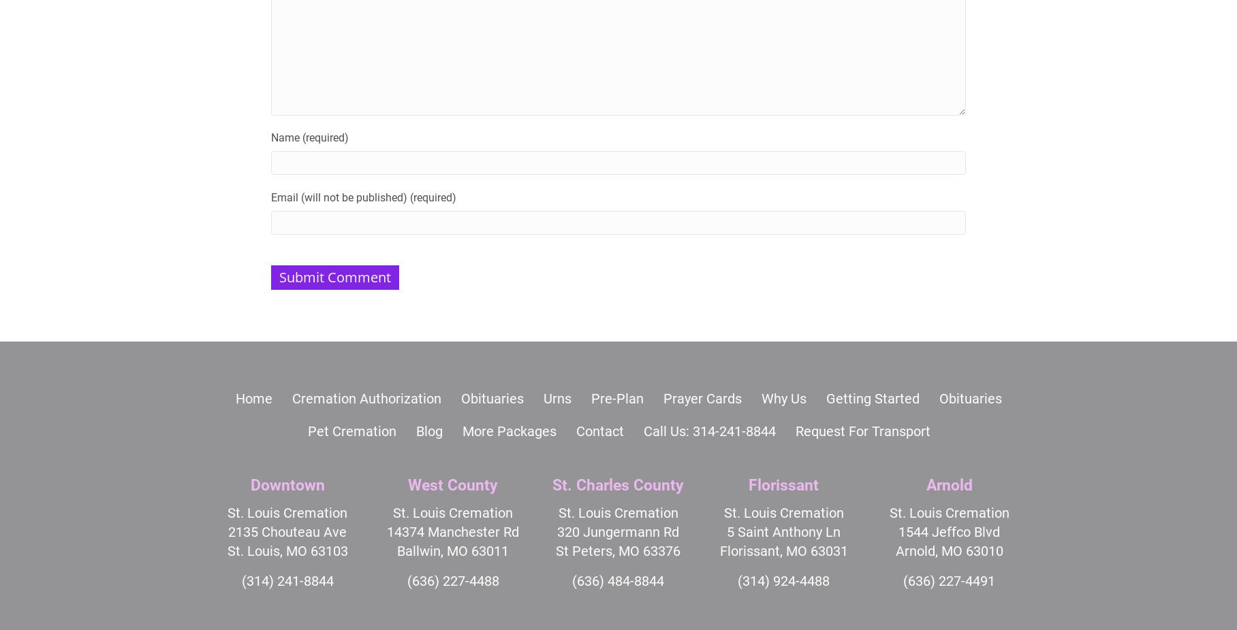 The width and height of the screenshot is (1237, 630). Describe the element at coordinates (310, 136) in the screenshot. I see `'Name (required)'` at that location.